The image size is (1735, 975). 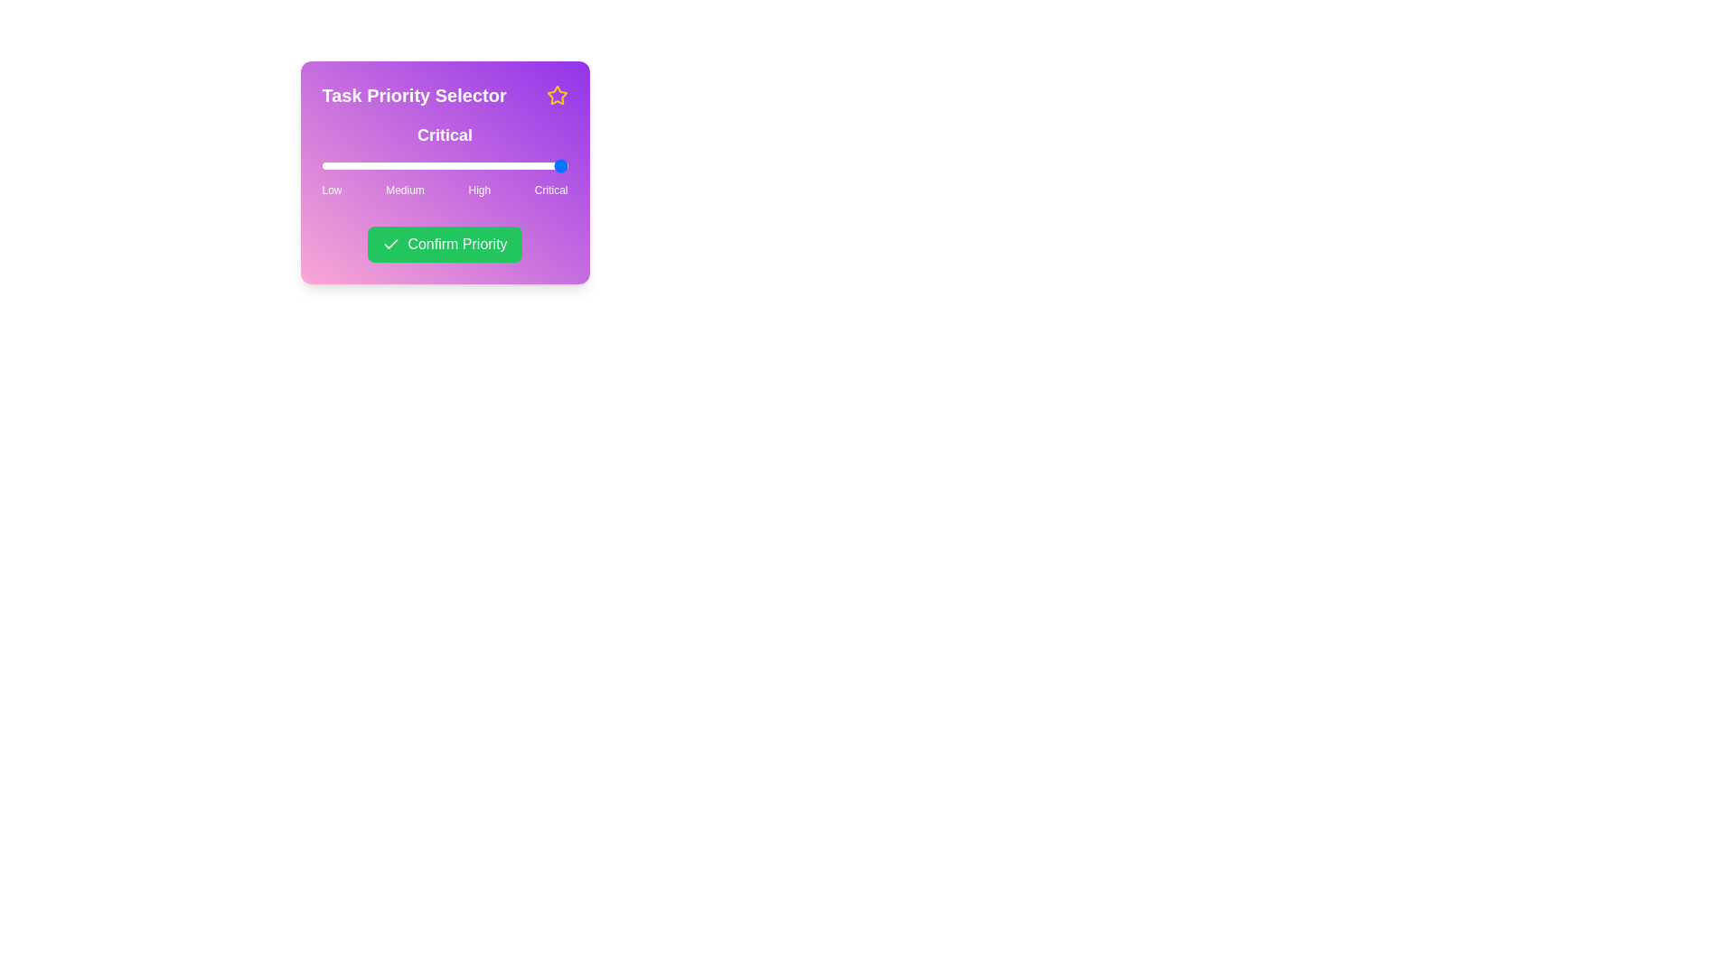 I want to click on the checkmark icon inside the green 'Confirm Priority' button, which signifies the confirmation action related to the 'Task Priority Selector', so click(x=390, y=244).